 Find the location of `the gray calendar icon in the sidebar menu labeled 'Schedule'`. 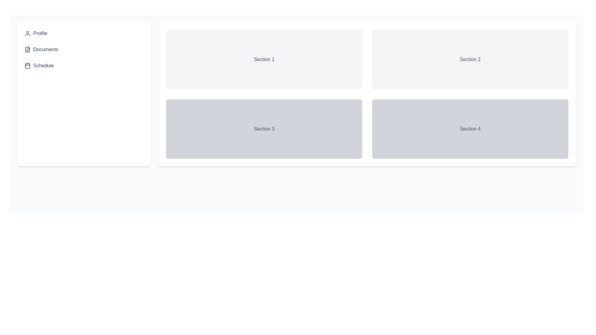

the gray calendar icon in the sidebar menu labeled 'Schedule' is located at coordinates (27, 66).